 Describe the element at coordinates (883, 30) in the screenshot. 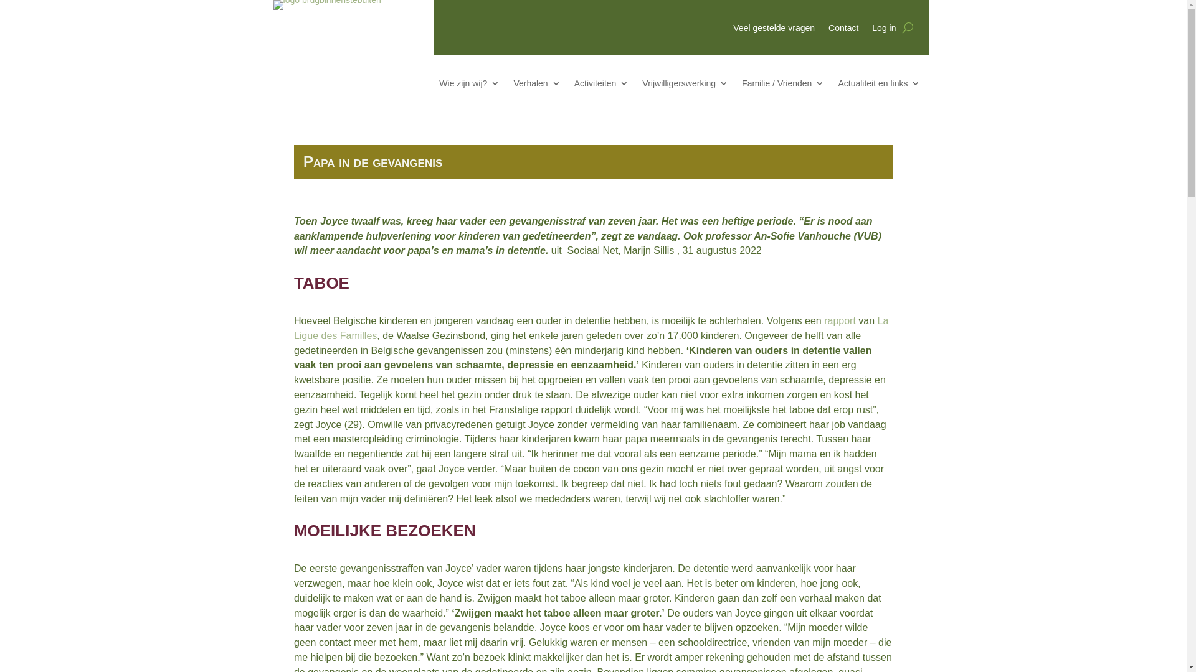

I see `'Log in'` at that location.